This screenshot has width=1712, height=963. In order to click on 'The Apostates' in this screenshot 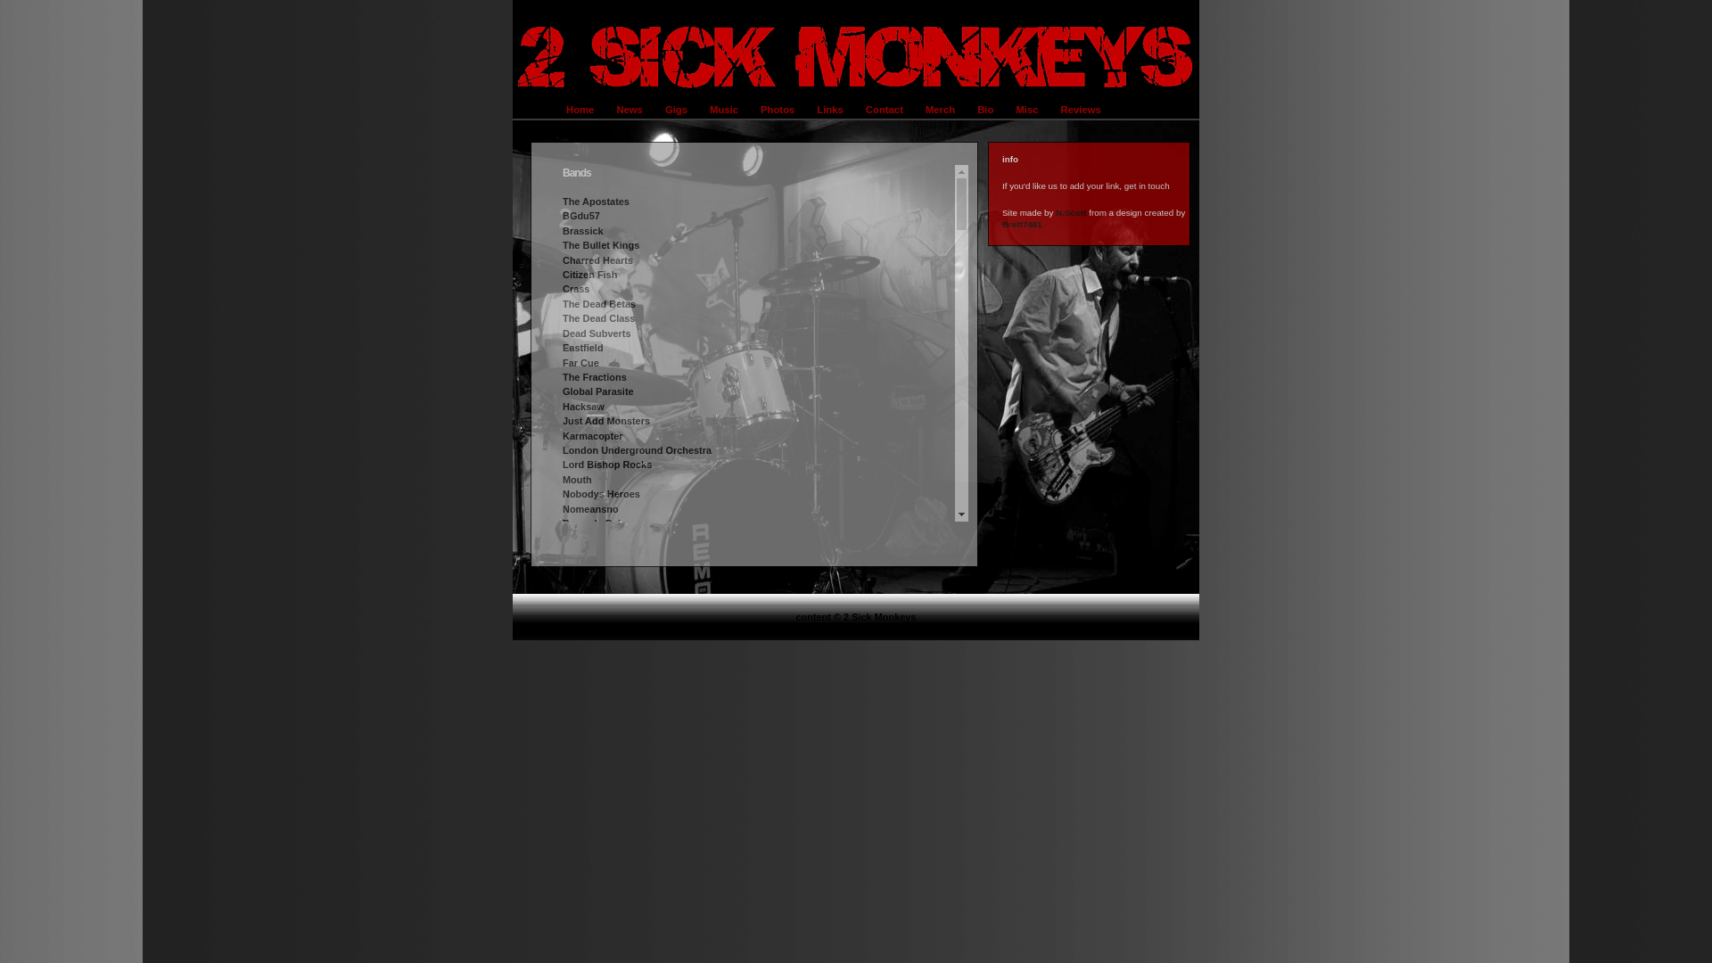, I will do `click(596, 201)`.